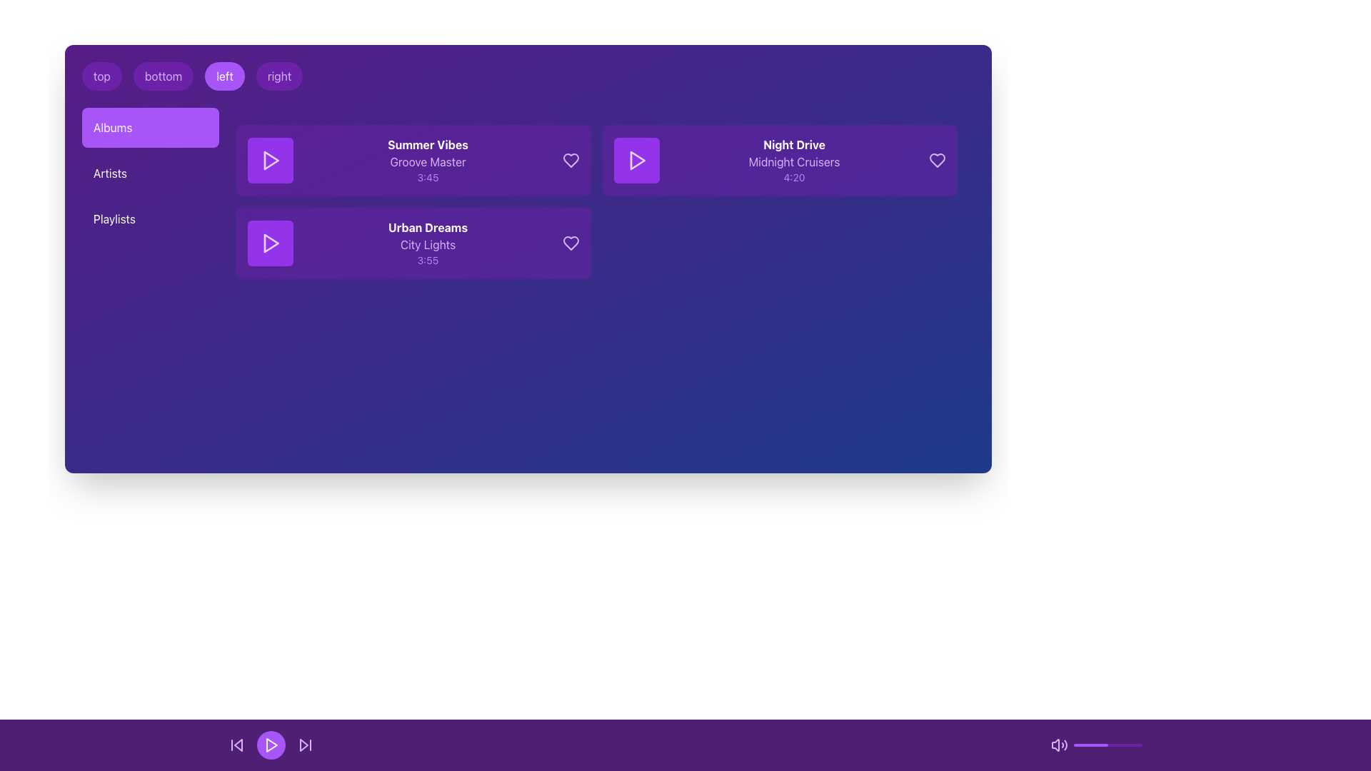 The height and width of the screenshot is (771, 1371). What do you see at coordinates (1086, 745) in the screenshot?
I see `the volume level` at bounding box center [1086, 745].